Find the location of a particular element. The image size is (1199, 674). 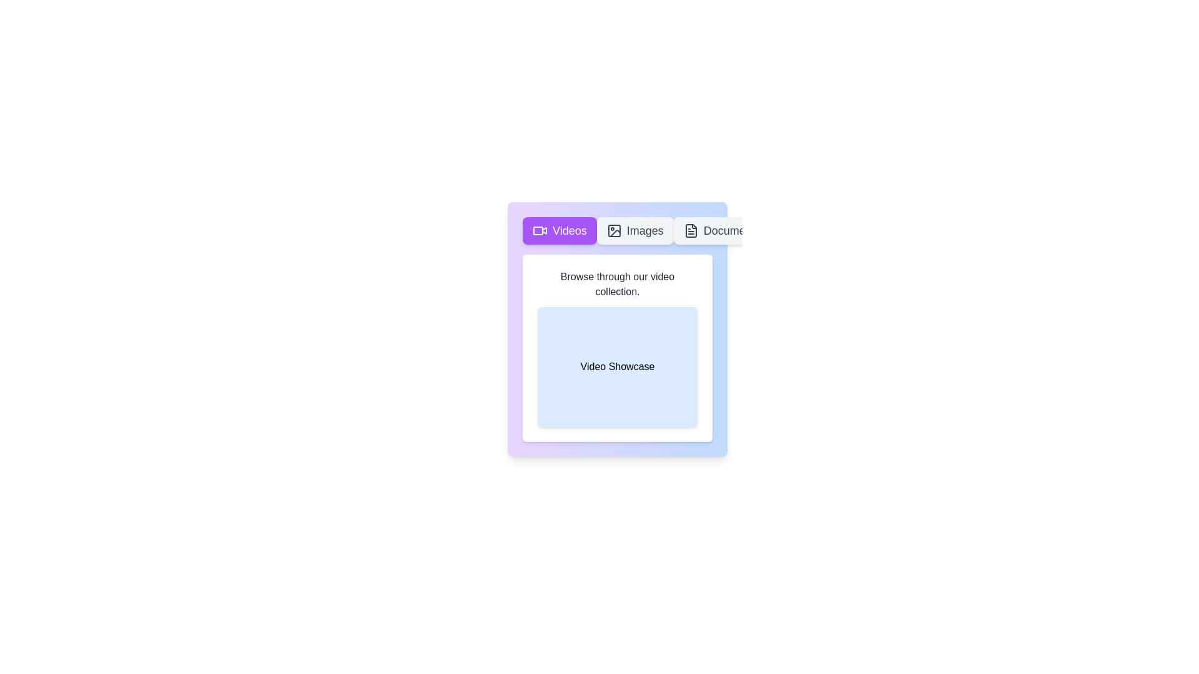

the 'Documents' icon located in the top-right corner of the interface, which visually represents the 'Documents' section is located at coordinates (690, 231).